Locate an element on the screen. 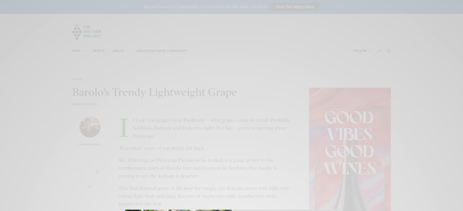  'Andreas Grube' is located at coordinates (89, 144).